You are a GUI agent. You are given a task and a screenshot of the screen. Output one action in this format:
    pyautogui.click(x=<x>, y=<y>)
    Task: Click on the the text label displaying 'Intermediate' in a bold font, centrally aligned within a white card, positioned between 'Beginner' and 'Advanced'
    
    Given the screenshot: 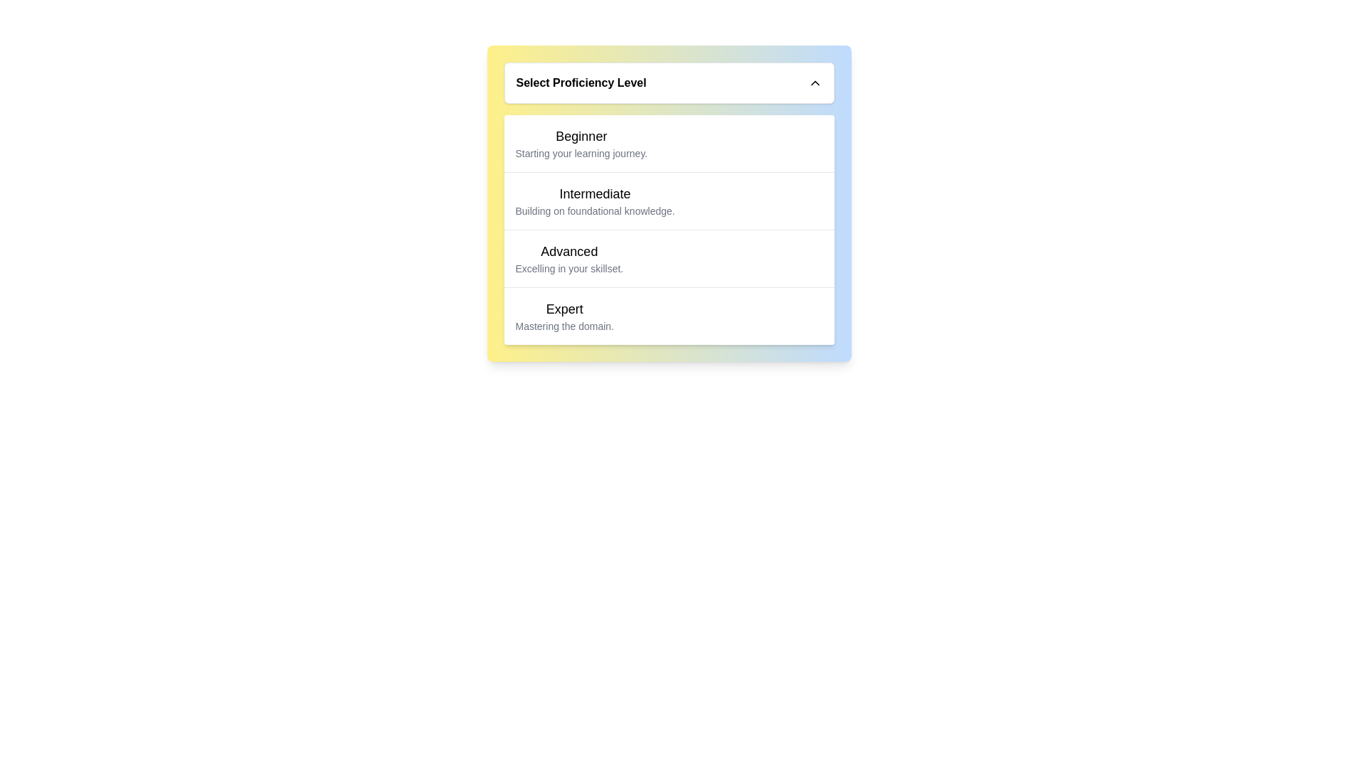 What is the action you would take?
    pyautogui.click(x=595, y=194)
    